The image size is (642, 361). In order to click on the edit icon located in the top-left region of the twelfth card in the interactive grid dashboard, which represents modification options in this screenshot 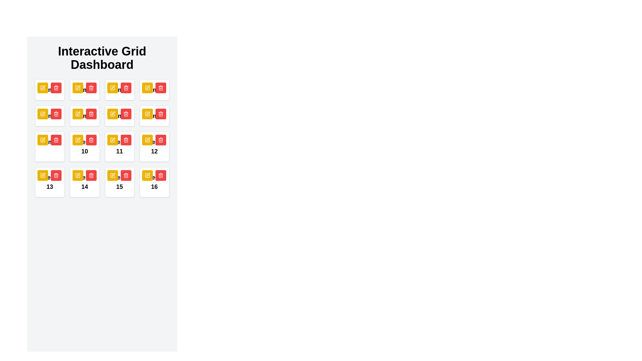, I will do `click(42, 140)`.